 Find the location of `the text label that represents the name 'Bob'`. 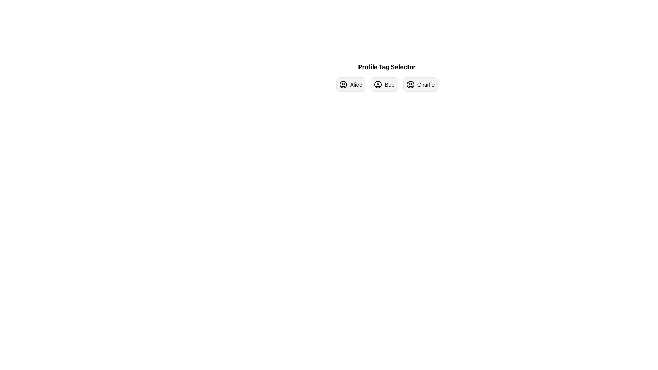

the text label that represents the name 'Bob' is located at coordinates (390, 84).